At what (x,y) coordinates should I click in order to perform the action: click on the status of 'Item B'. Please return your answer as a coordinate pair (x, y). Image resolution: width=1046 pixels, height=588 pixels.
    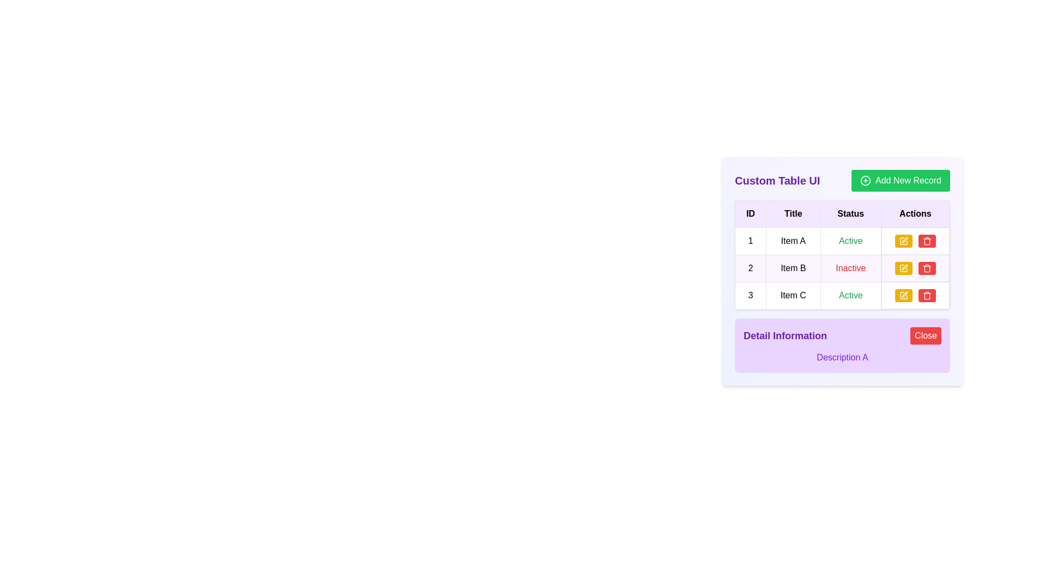
    Looking at the image, I should click on (850, 268).